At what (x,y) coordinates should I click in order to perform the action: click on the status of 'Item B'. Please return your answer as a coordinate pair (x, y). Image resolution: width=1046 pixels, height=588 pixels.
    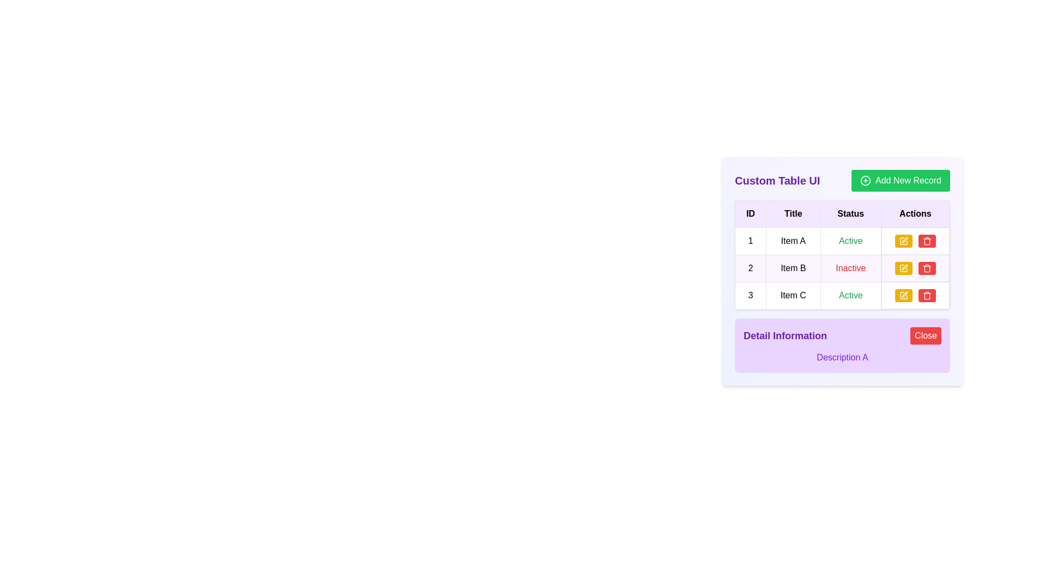
    Looking at the image, I should click on (850, 268).